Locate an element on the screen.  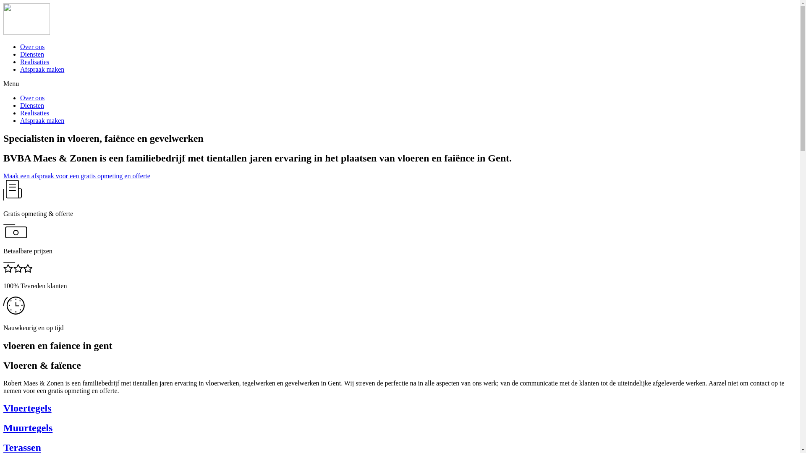
'Afspraak maken' is located at coordinates (42, 69).